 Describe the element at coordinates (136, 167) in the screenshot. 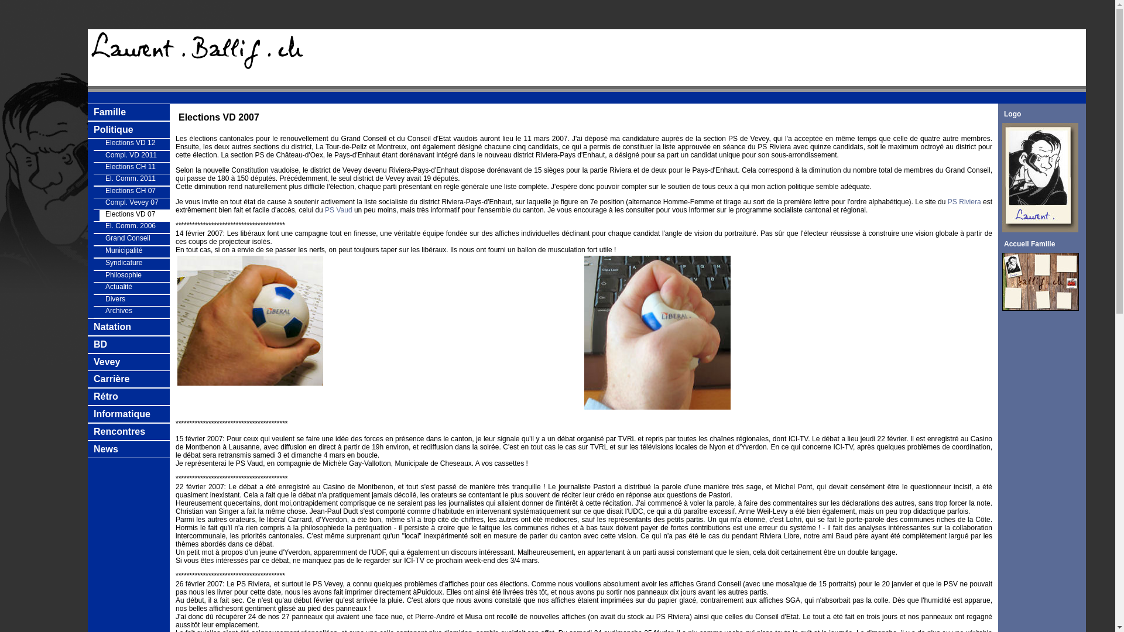

I see `'Elections CH 11'` at that location.